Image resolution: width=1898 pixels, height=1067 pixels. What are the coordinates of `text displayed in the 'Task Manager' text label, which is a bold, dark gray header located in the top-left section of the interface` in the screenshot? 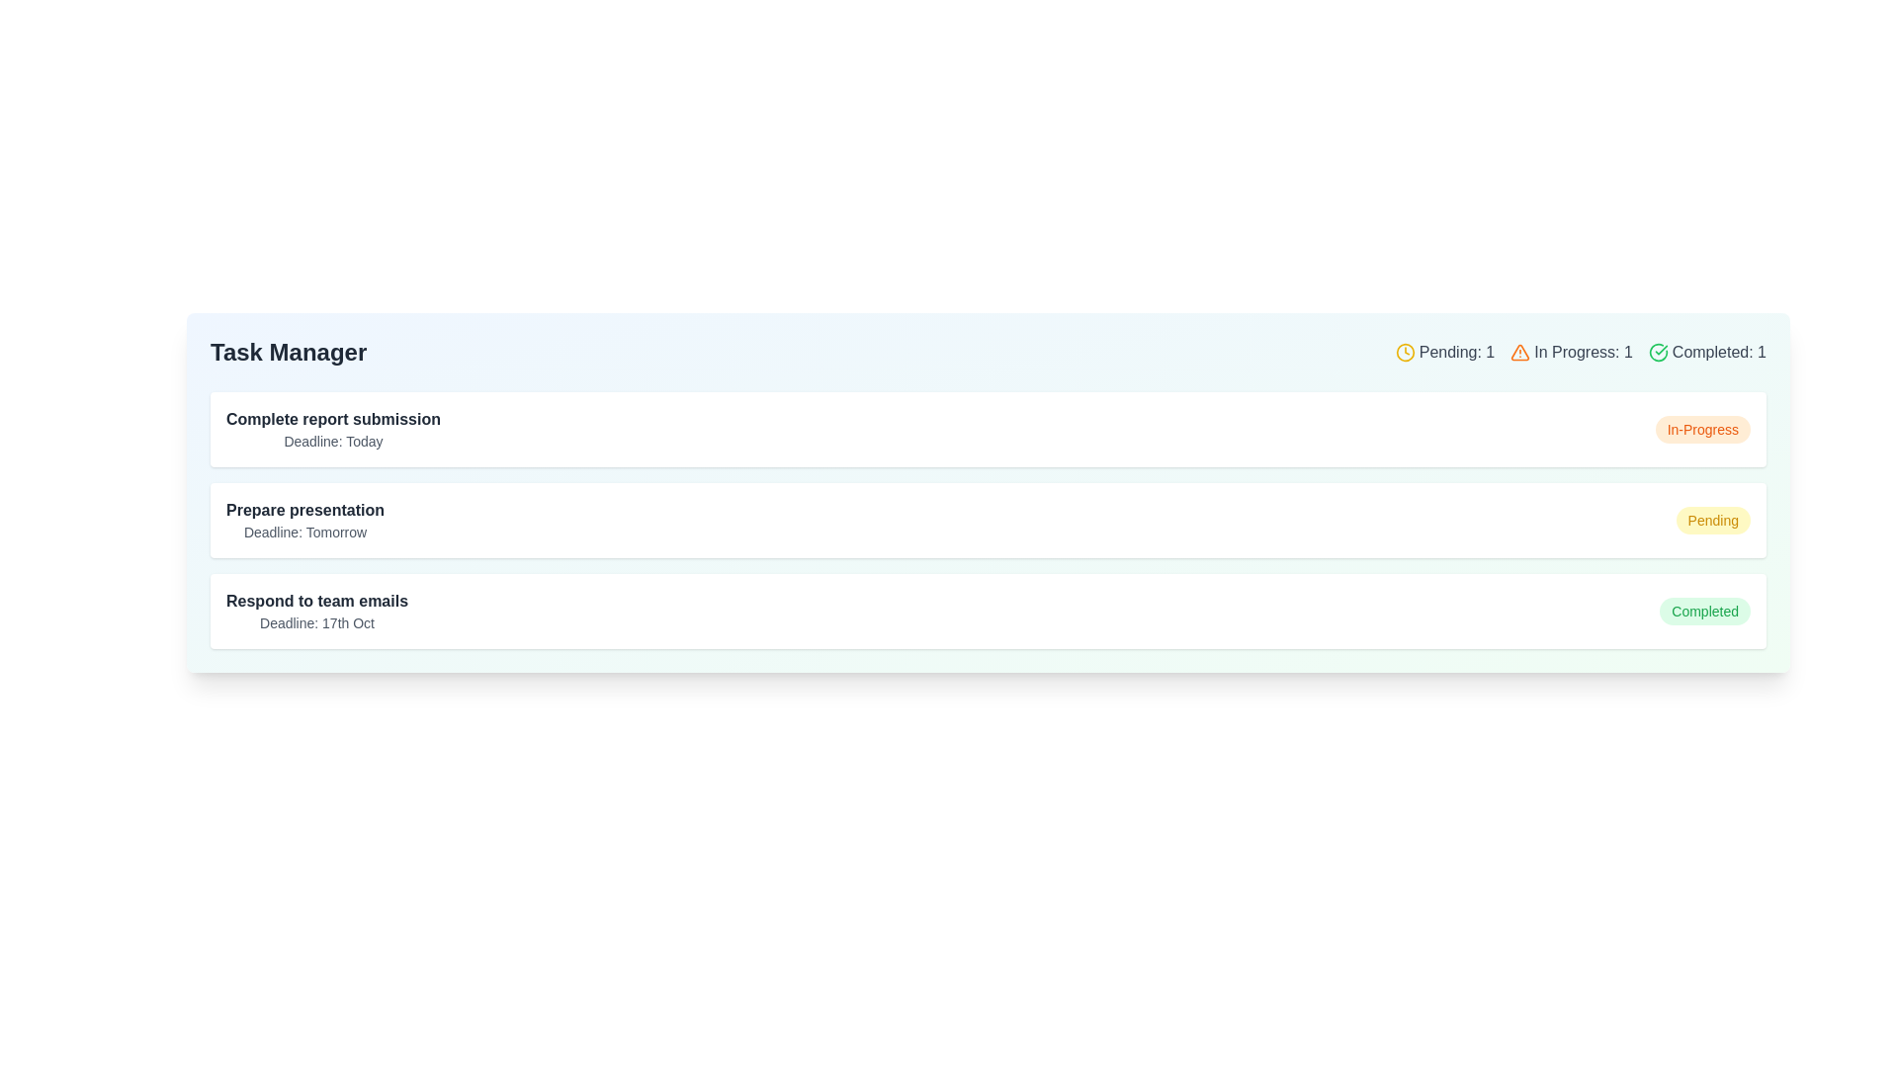 It's located at (288, 352).